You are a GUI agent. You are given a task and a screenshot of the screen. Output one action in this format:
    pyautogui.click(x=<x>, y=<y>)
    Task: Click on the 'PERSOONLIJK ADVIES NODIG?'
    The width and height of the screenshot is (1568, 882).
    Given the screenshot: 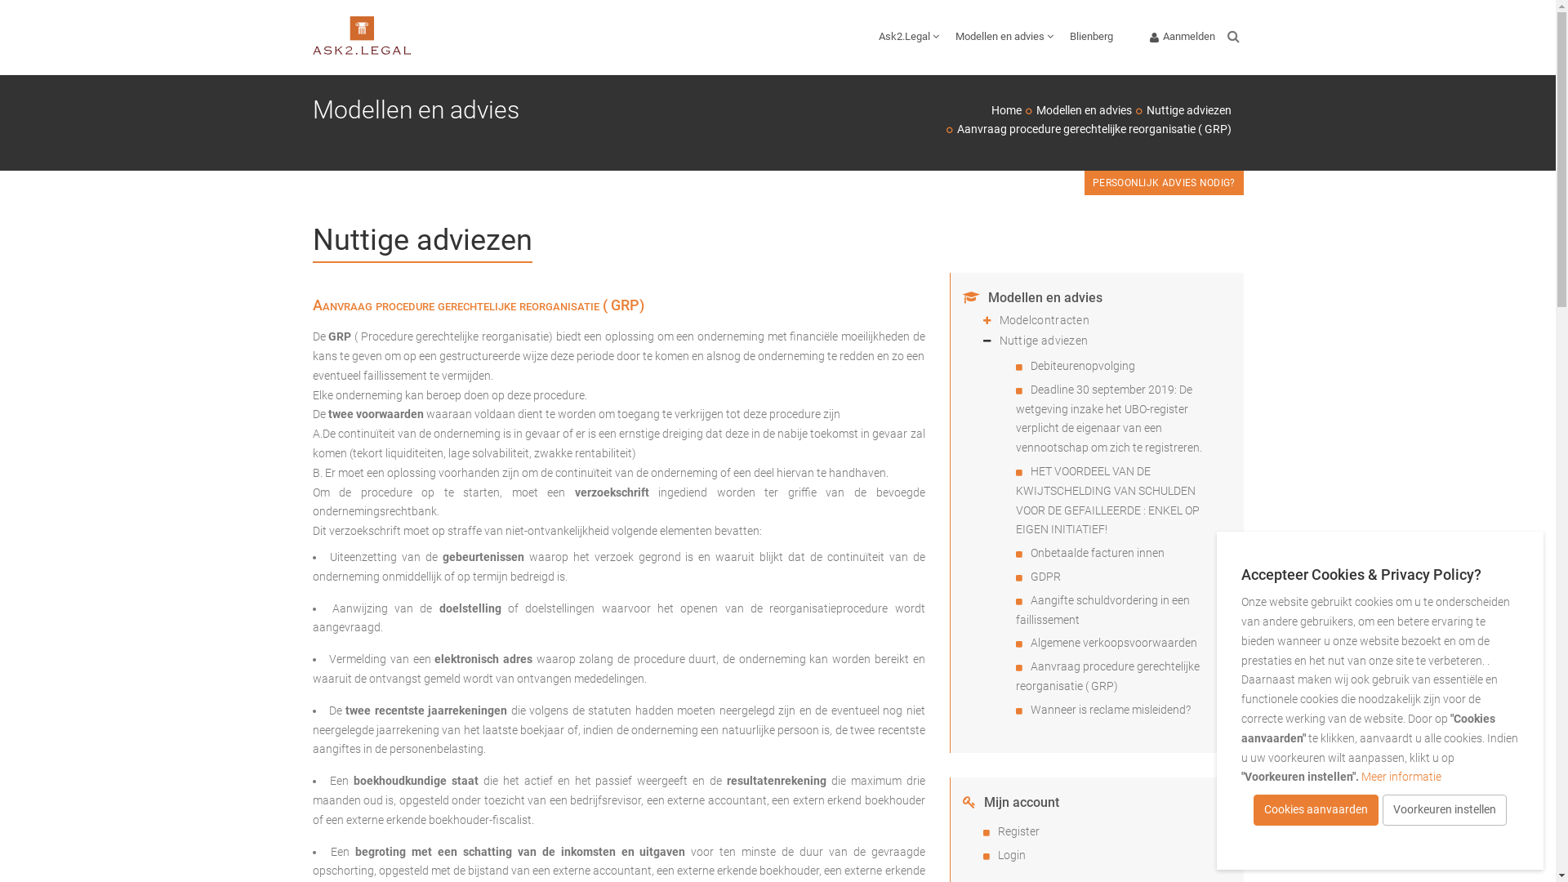 What is the action you would take?
    pyautogui.click(x=1163, y=182)
    